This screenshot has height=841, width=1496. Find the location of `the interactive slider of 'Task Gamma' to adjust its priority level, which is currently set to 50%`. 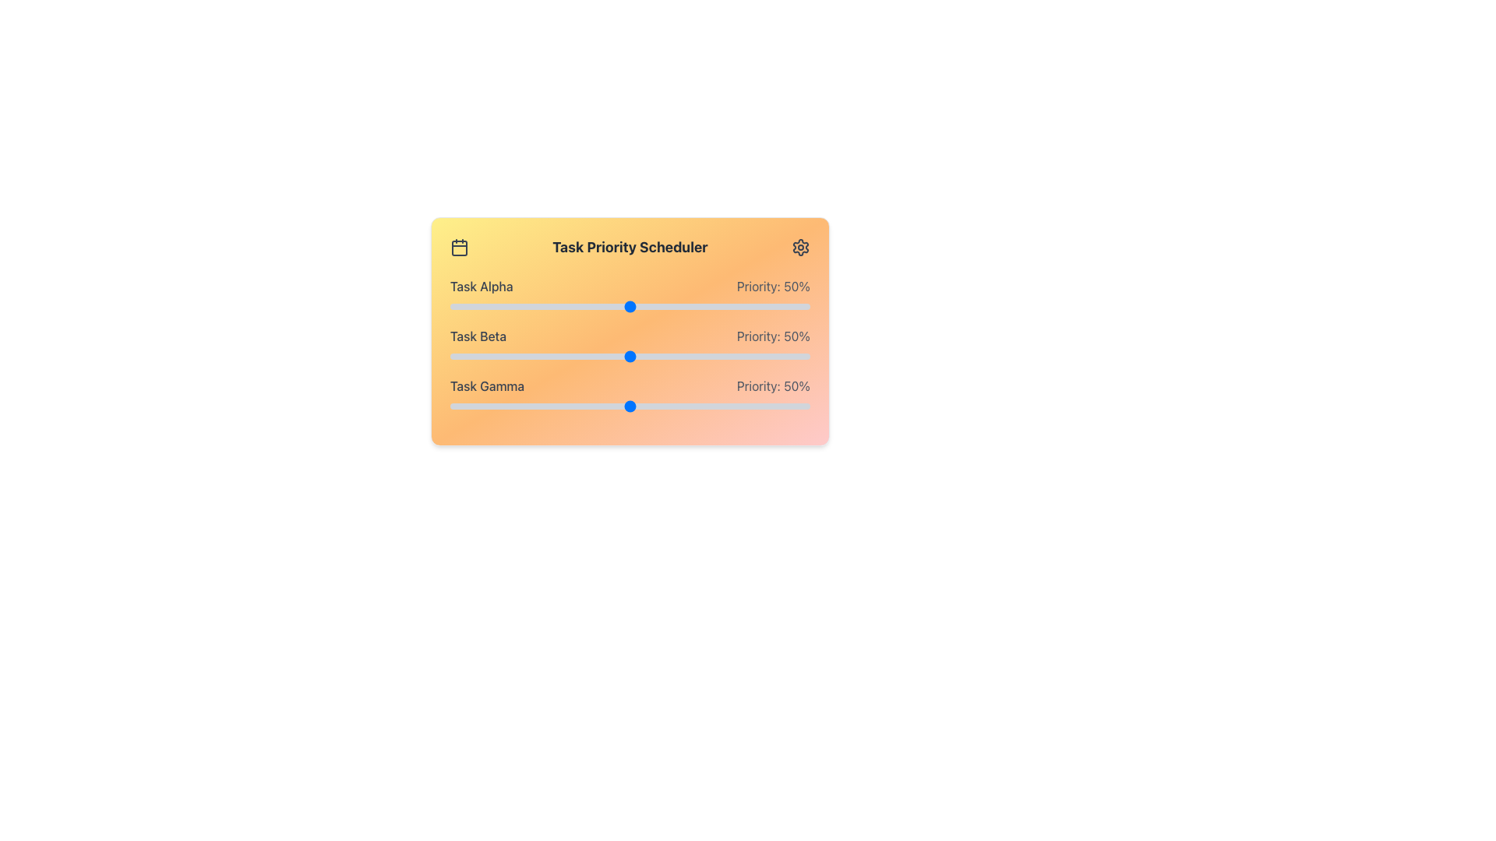

the interactive slider of 'Task Gamma' to adjust its priority level, which is currently set to 50% is located at coordinates (630, 395).